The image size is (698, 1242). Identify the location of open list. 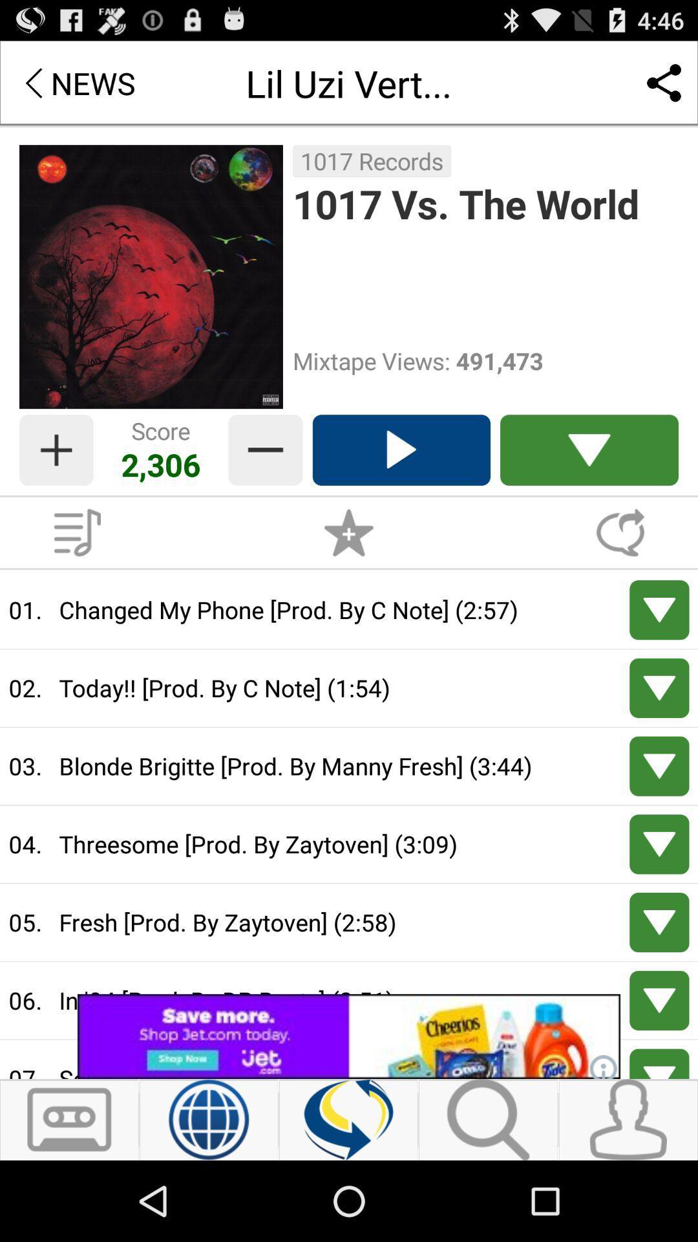
(589, 450).